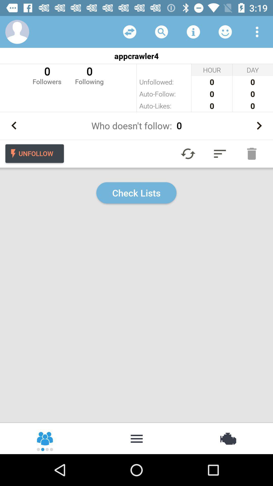 Image resolution: width=273 pixels, height=486 pixels. What do you see at coordinates (89, 75) in the screenshot?
I see `0` at bounding box center [89, 75].